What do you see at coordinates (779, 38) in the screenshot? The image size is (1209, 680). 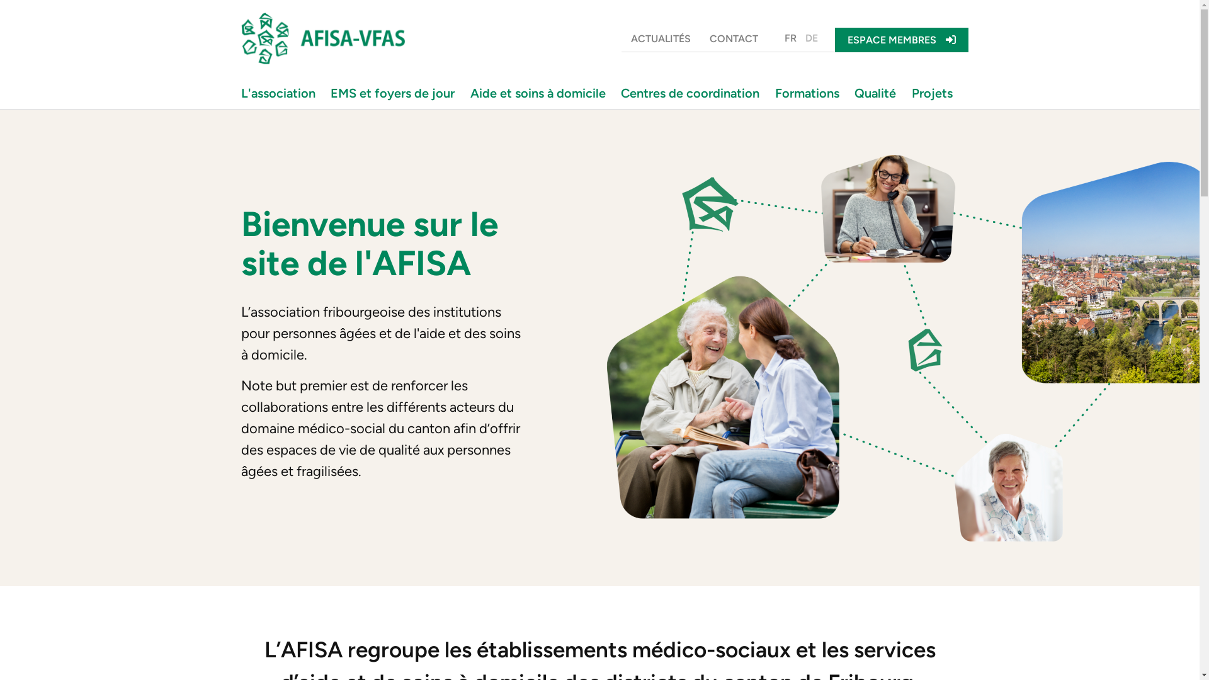 I see `'FR'` at bounding box center [779, 38].